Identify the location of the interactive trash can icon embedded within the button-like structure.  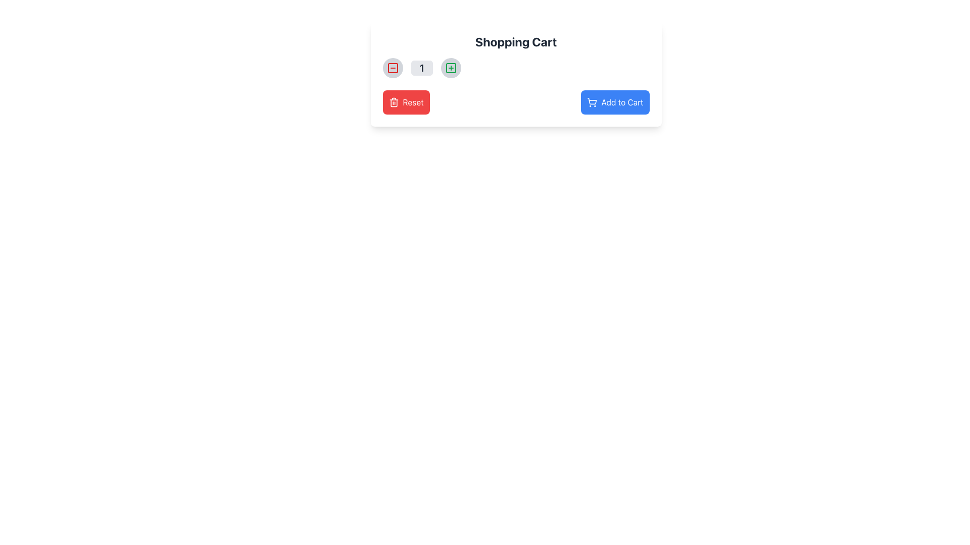
(393, 103).